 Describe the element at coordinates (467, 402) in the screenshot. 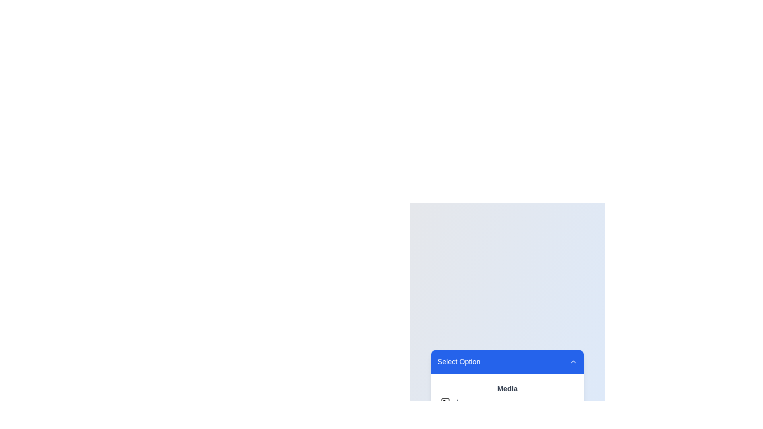

I see `the text label displaying 'Images' in gray color, located next to an image icon, to check for tooltip visibility` at that location.